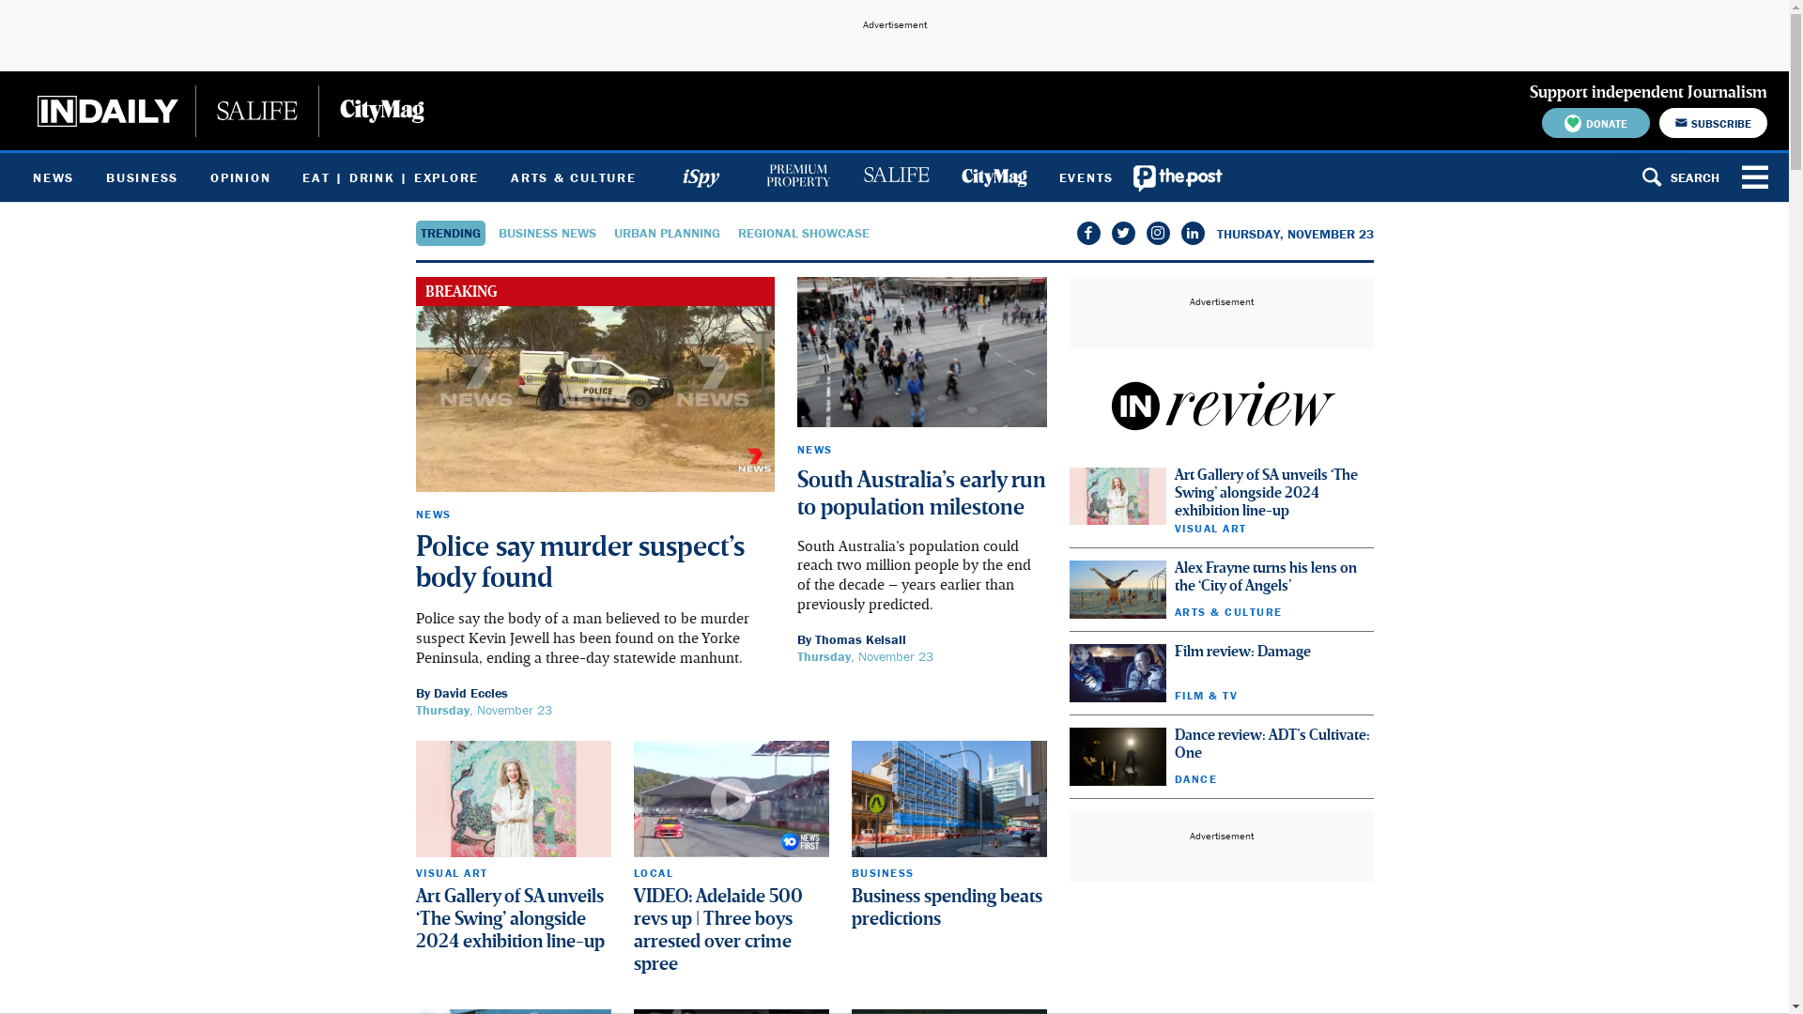 This screenshot has width=1803, height=1014. What do you see at coordinates (470, 692) in the screenshot?
I see `'David Eccles'` at bounding box center [470, 692].